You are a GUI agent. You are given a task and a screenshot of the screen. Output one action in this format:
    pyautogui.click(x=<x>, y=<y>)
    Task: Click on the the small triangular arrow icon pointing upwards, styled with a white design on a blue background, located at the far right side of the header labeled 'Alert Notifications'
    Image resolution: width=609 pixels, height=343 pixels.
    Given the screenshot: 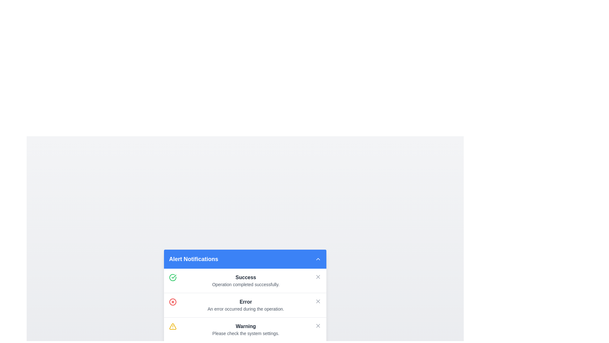 What is the action you would take?
    pyautogui.click(x=318, y=259)
    